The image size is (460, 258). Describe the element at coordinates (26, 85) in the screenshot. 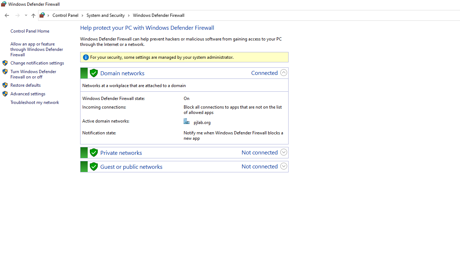

I see `'Restore defaults'` at that location.